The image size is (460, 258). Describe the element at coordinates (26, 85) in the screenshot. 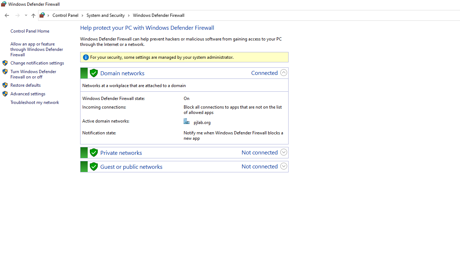

I see `'Restore defaults'` at that location.